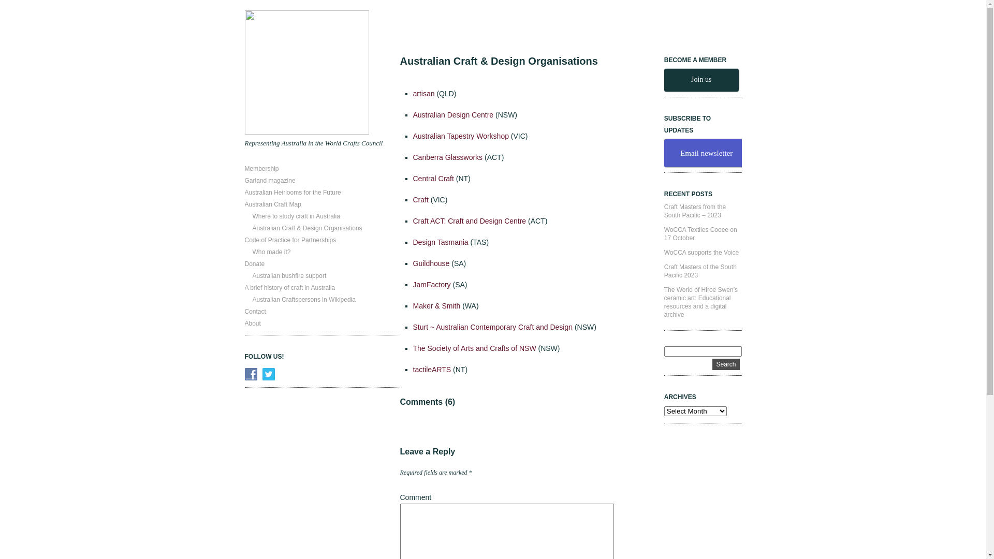 This screenshot has height=559, width=994. What do you see at coordinates (252, 322) in the screenshot?
I see `'About'` at bounding box center [252, 322].